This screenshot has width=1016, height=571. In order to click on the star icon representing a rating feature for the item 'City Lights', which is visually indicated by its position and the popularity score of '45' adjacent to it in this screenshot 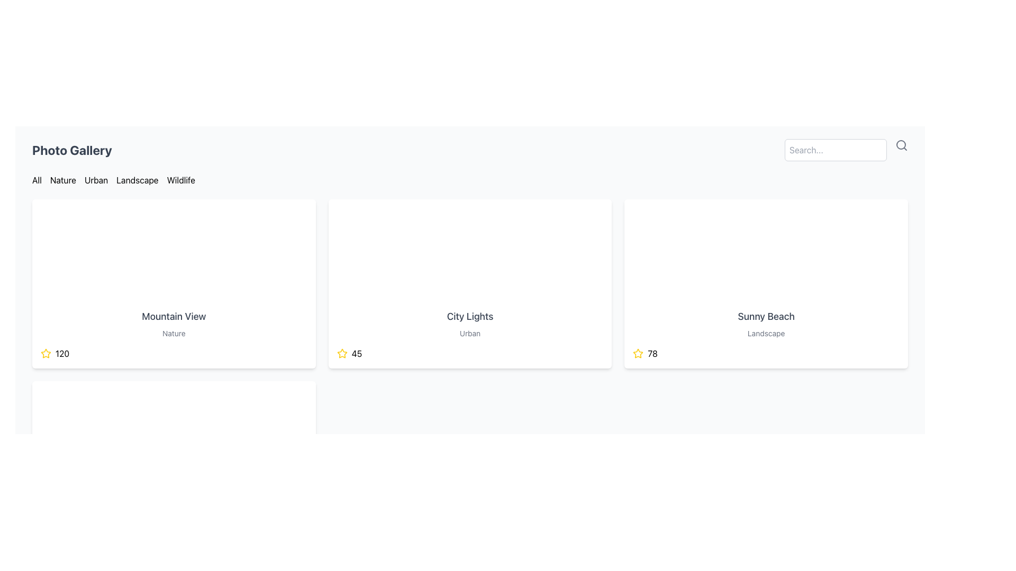, I will do `click(342, 353)`.